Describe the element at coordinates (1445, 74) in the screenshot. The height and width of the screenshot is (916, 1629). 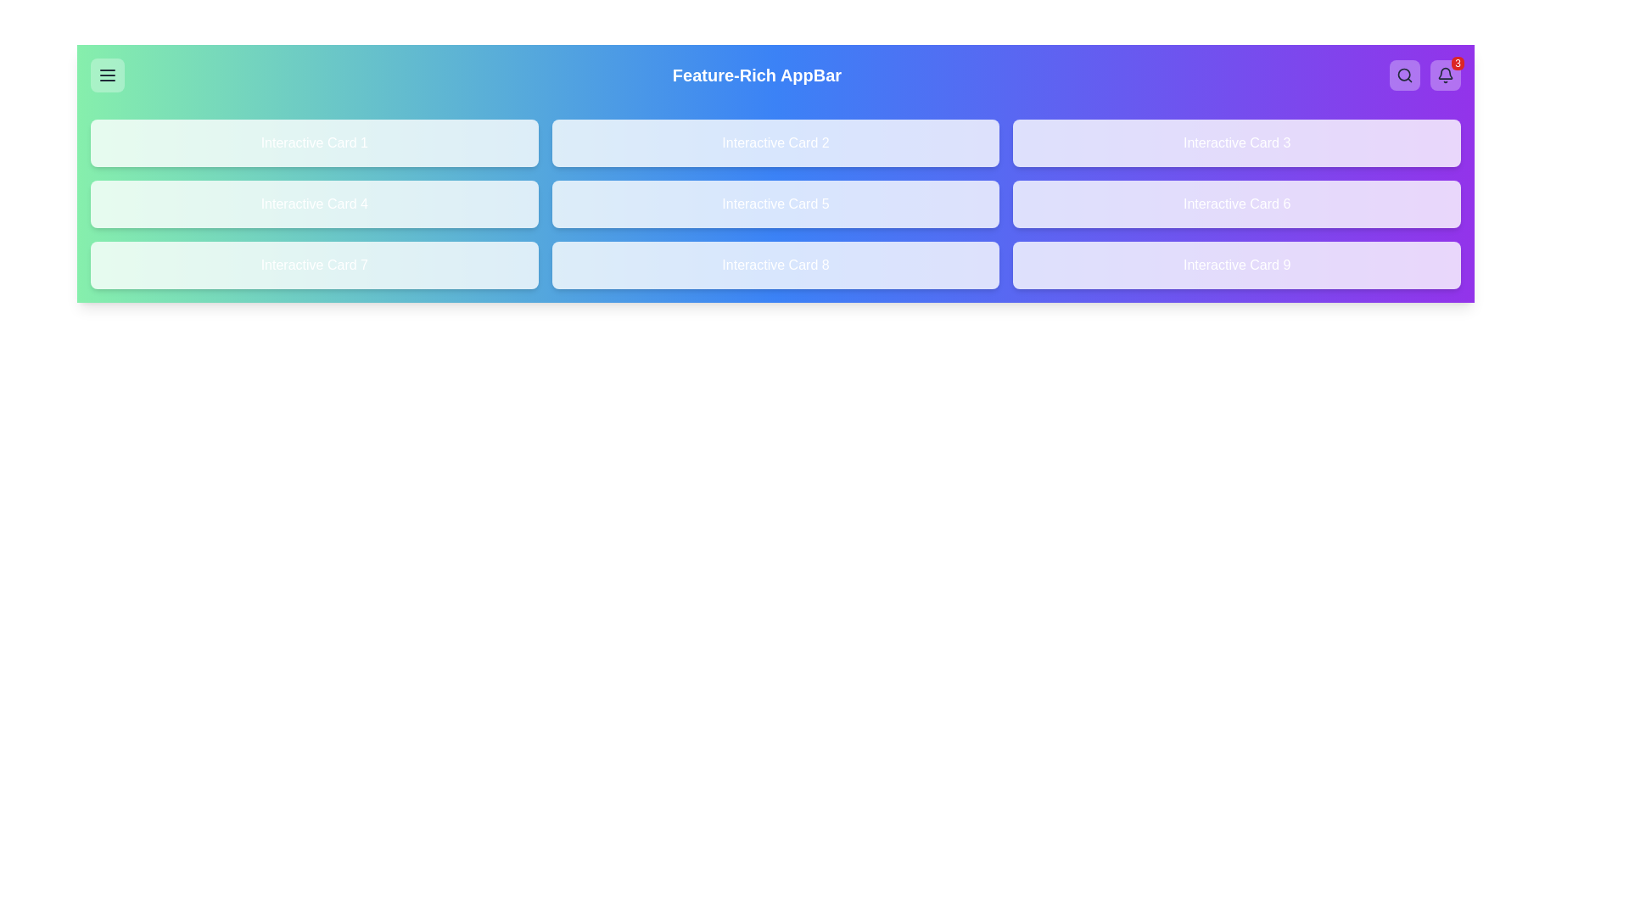
I see `the notification bell button to view notifications` at that location.